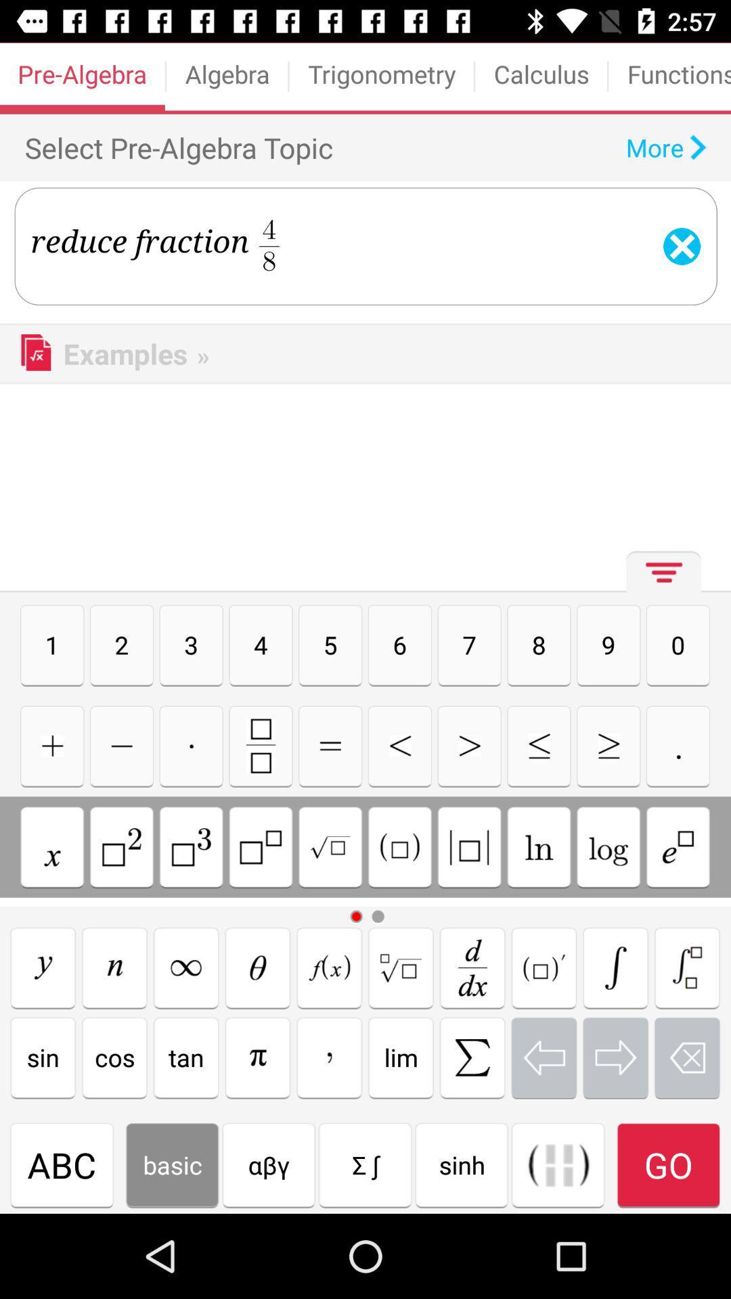 Image resolution: width=731 pixels, height=1299 pixels. Describe the element at coordinates (543, 1057) in the screenshot. I see `go back` at that location.